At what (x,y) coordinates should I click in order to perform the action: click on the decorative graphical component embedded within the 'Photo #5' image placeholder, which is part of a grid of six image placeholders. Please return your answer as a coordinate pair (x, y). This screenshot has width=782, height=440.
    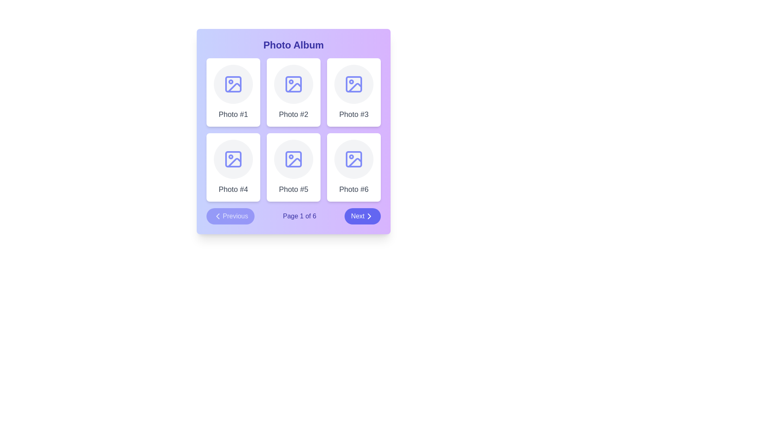
    Looking at the image, I should click on (293, 159).